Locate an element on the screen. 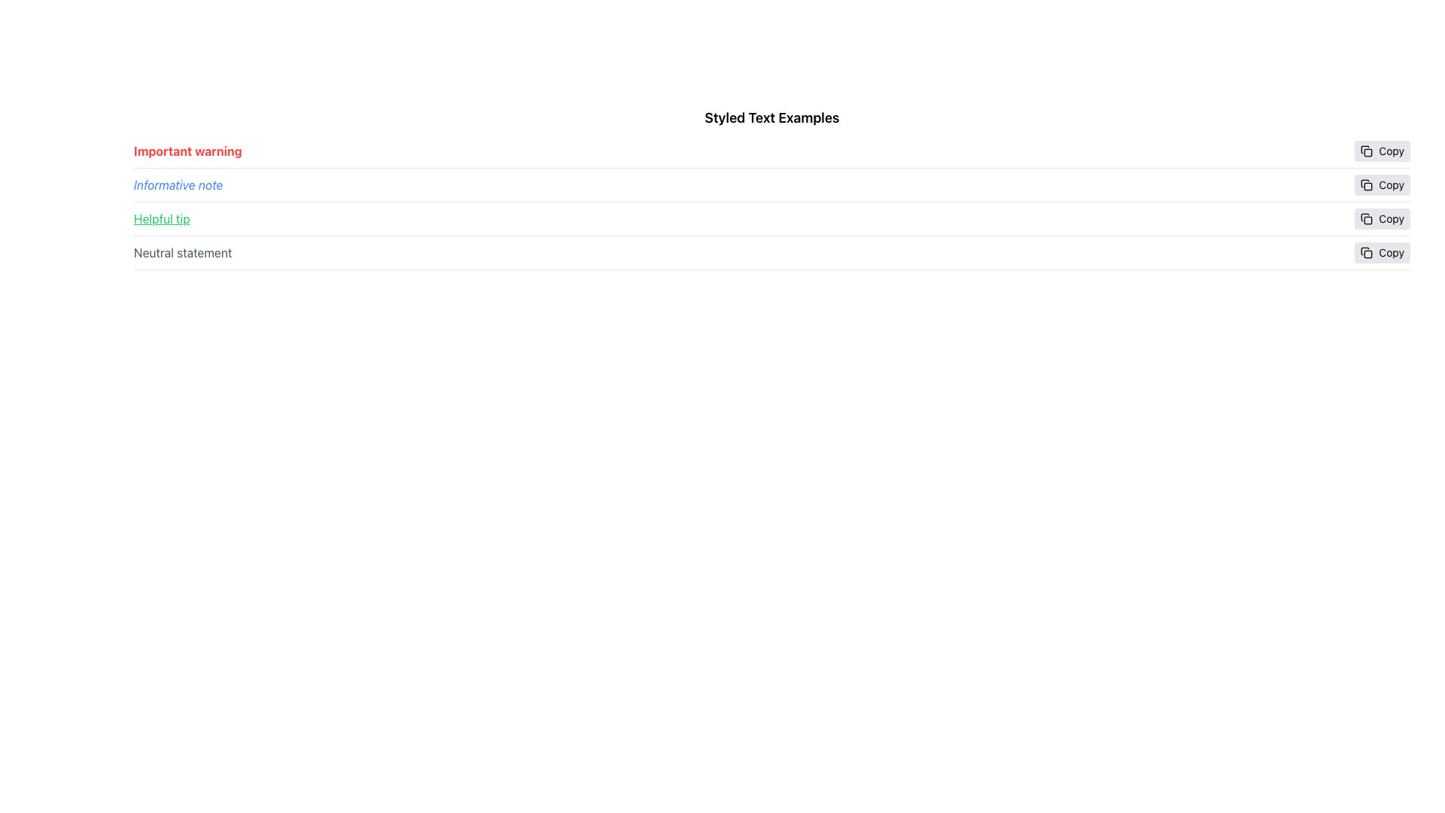 The width and height of the screenshot is (1445, 813). the 'Copy' button with a duplicate document icon, which is positioned to the far right of the 'Neutral statement' text, to change its background color is located at coordinates (1383, 251).